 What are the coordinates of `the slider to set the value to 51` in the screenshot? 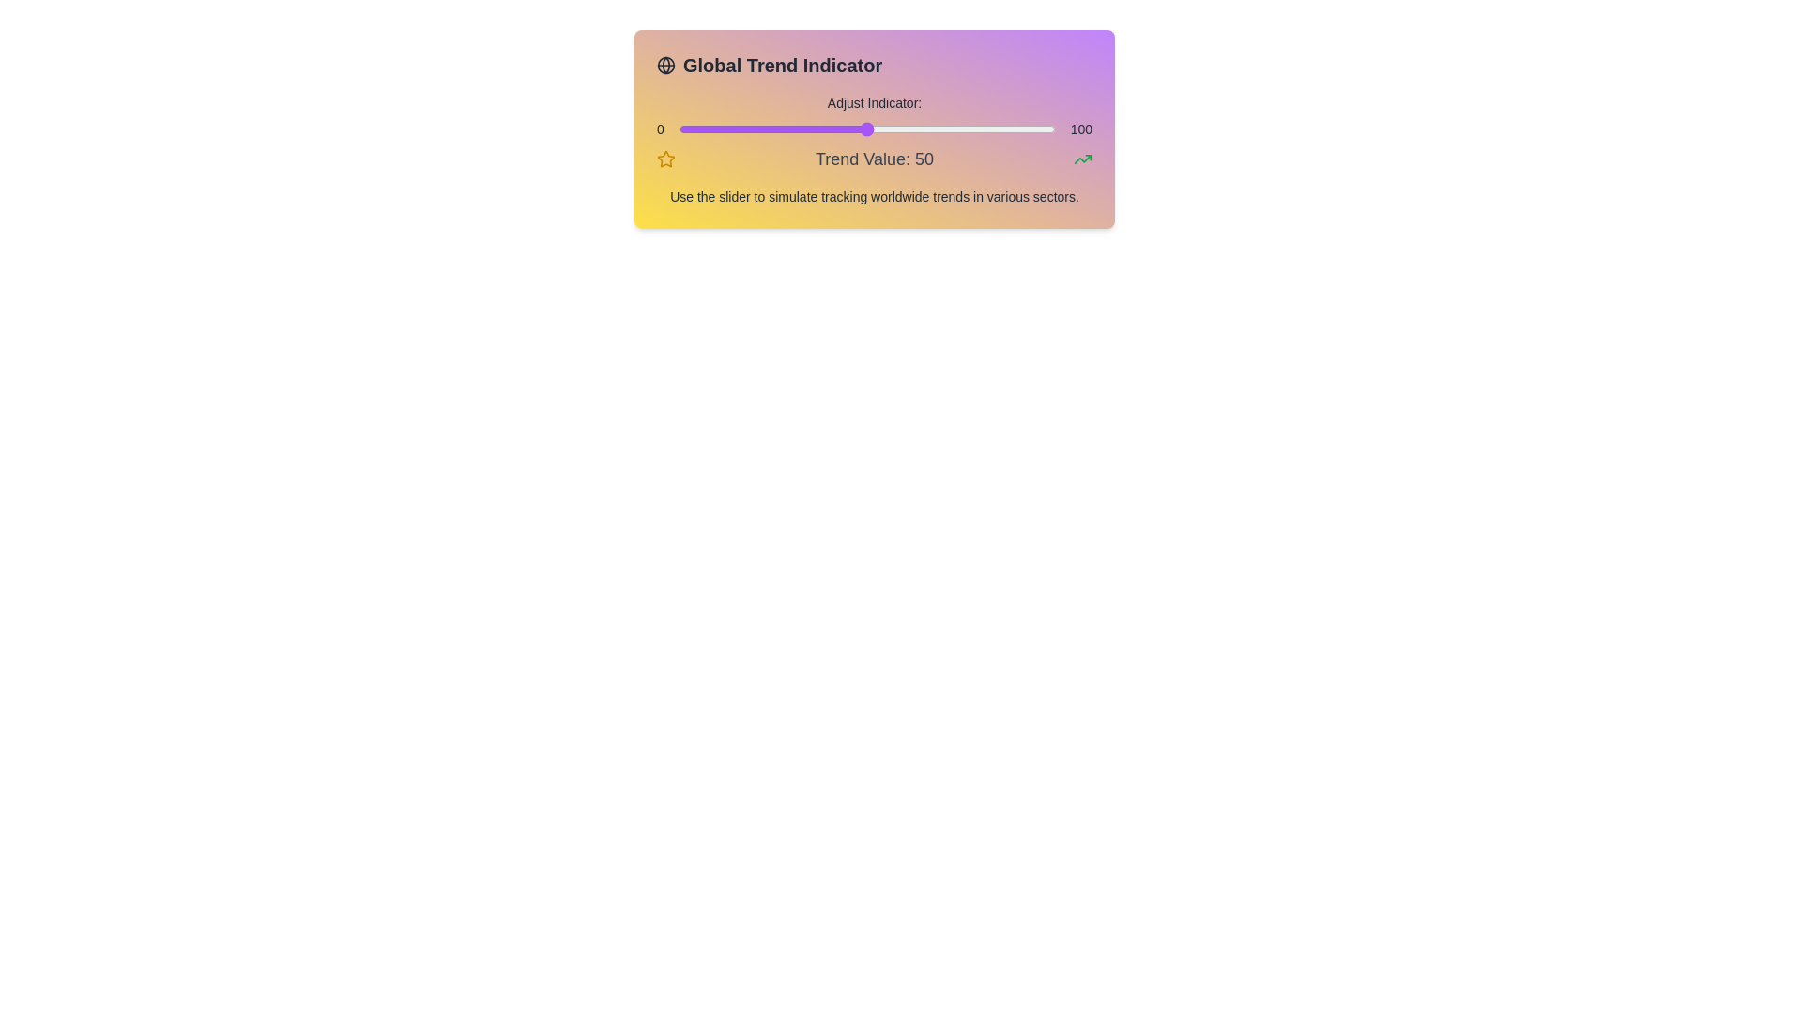 It's located at (870, 129).